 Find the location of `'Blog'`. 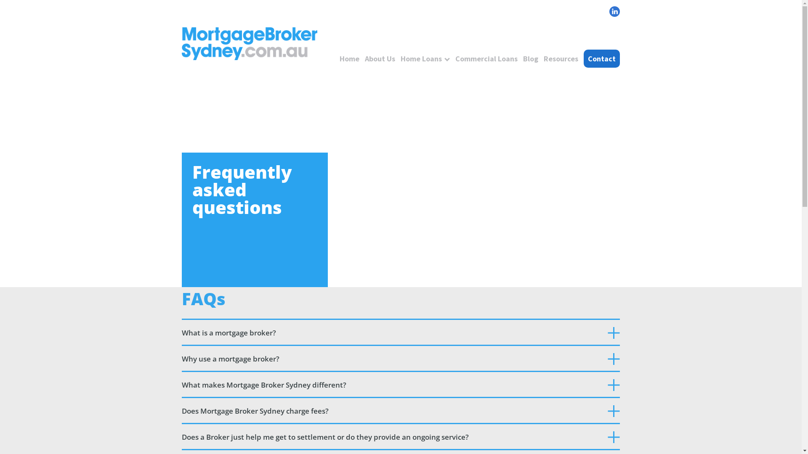

'Blog' is located at coordinates (523, 58).